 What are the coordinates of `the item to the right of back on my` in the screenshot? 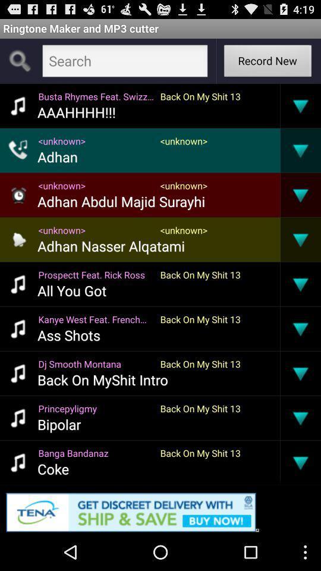 It's located at (280, 372).